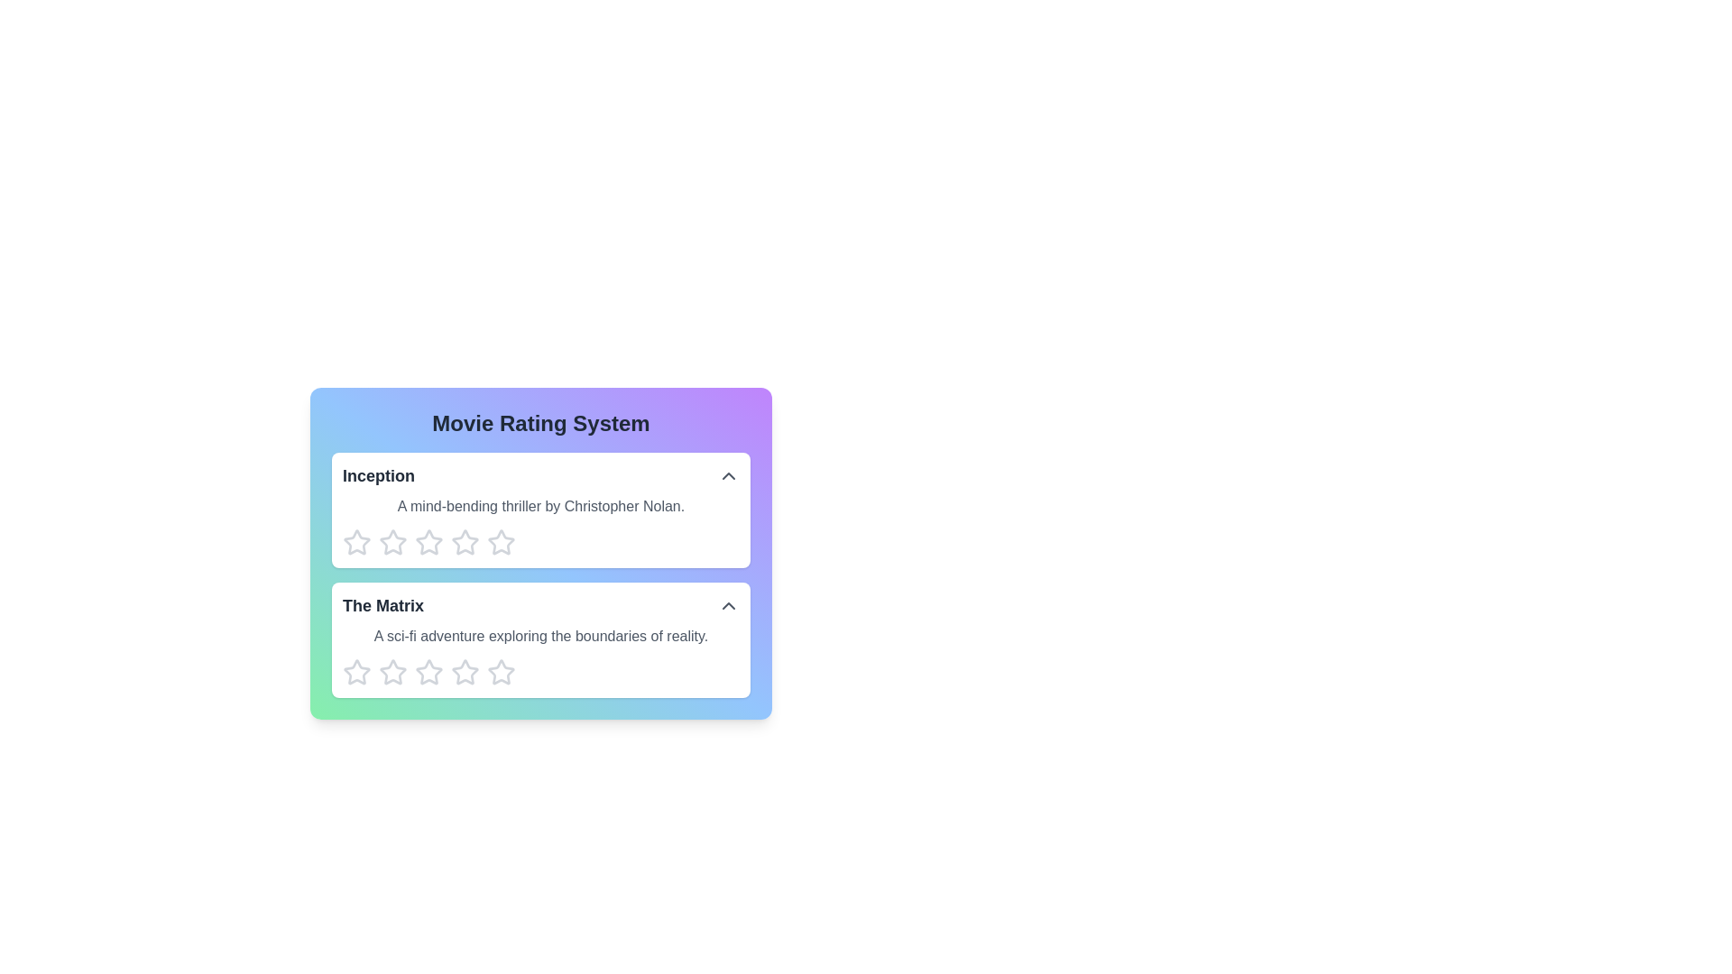  I want to click on the first star icon button in the movie rating system interface for tooltip or highlight effect, so click(356, 541).